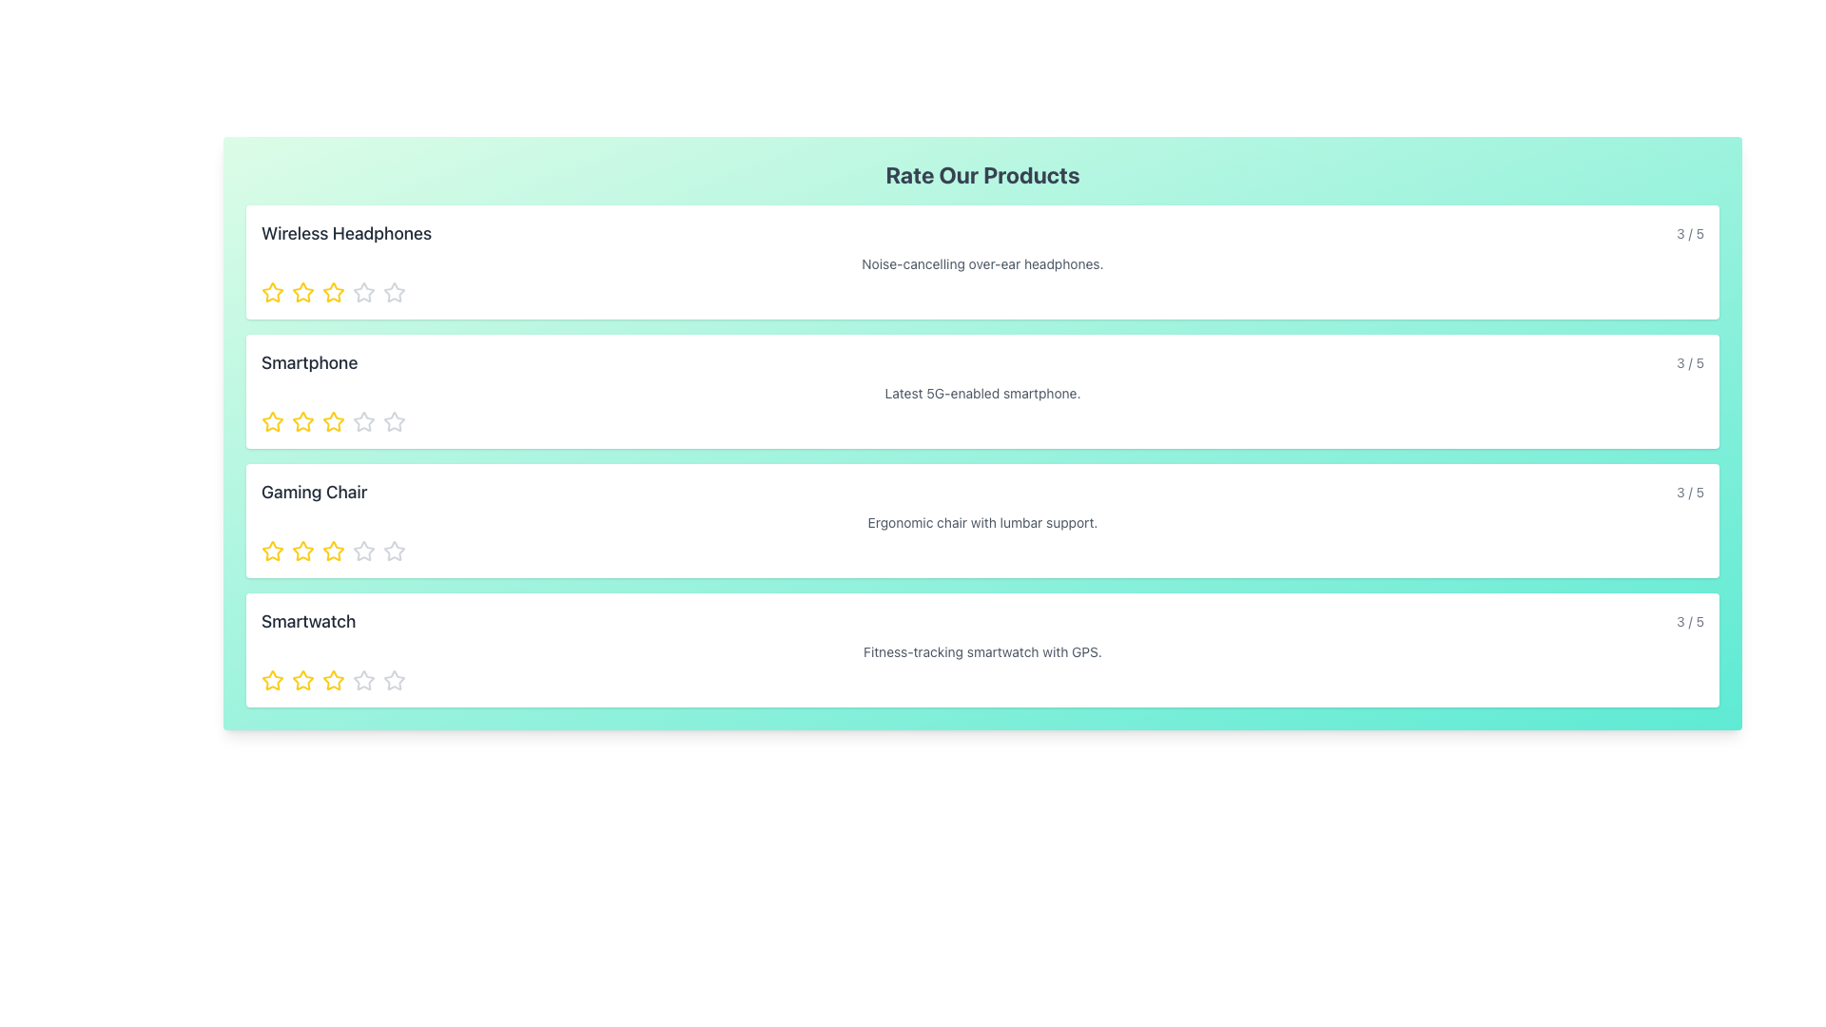 This screenshot has height=1027, width=1826. I want to click on the second star in the rating system for the 'Smartphone' product, so click(364, 420).